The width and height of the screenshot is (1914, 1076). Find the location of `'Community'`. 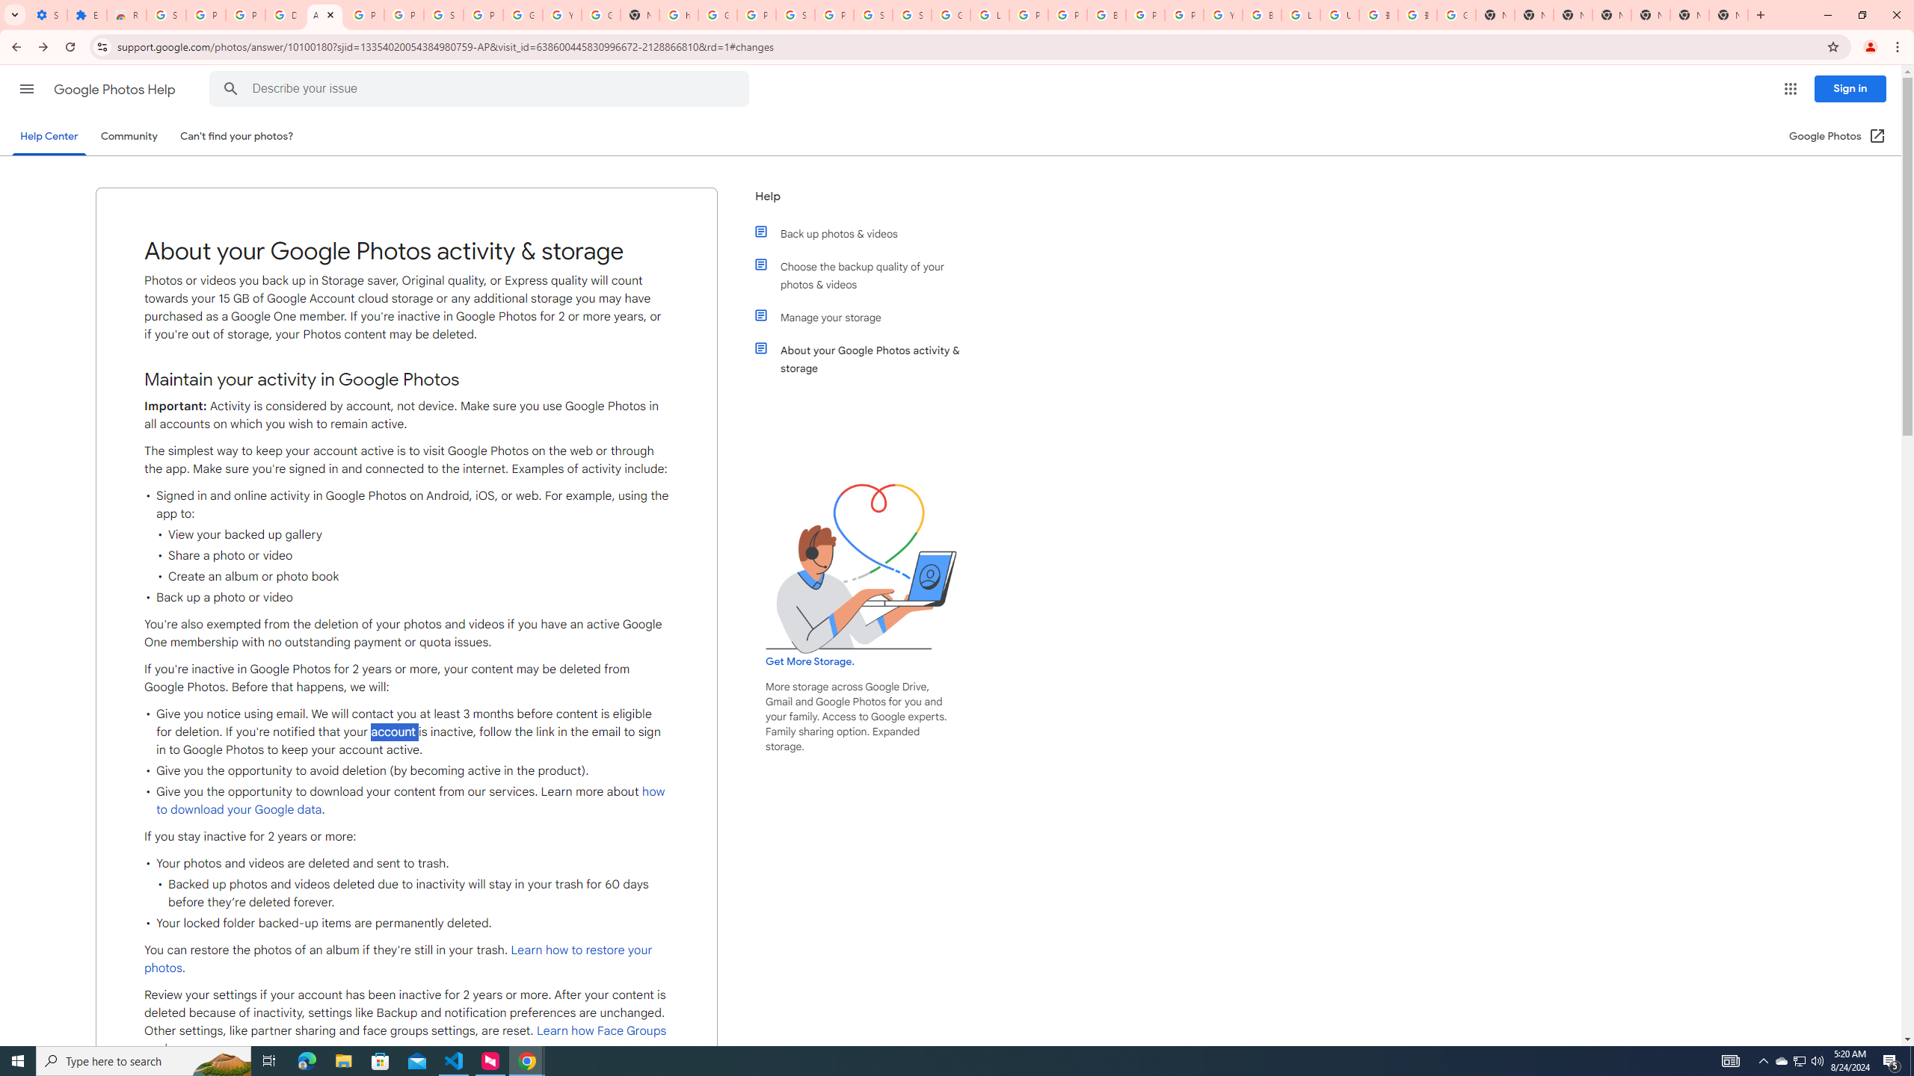

'Community' is located at coordinates (128, 135).